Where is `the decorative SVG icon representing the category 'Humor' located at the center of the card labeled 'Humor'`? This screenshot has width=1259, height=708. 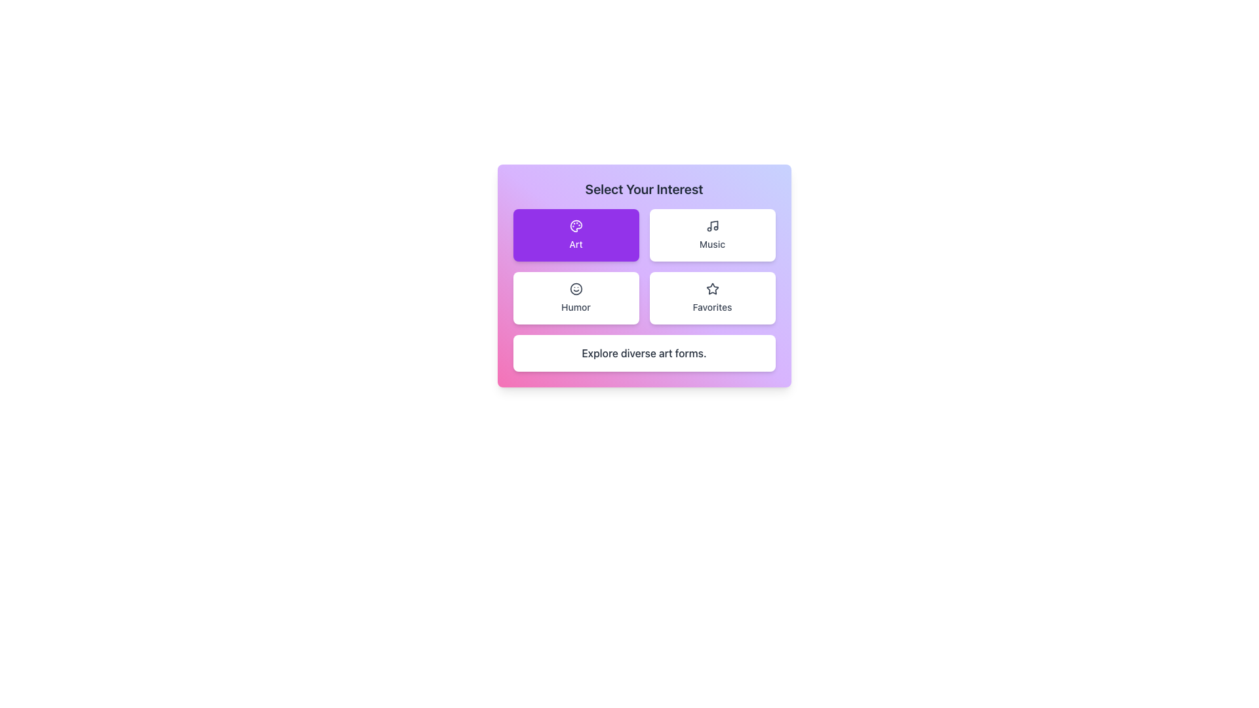
the decorative SVG icon representing the category 'Humor' located at the center of the card labeled 'Humor' is located at coordinates (576, 288).